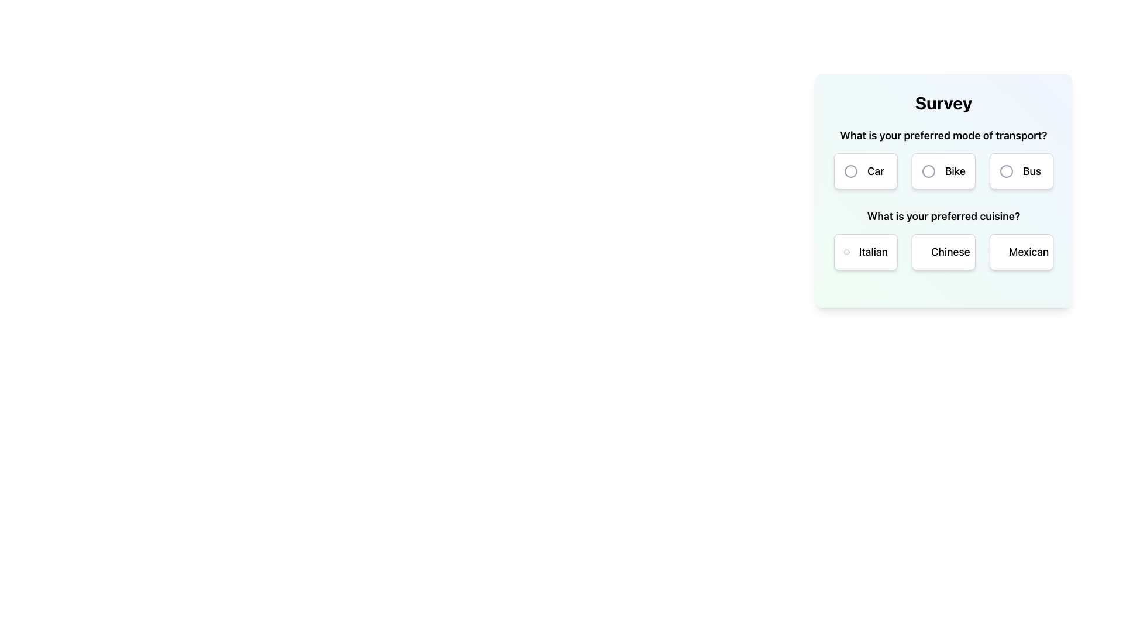 The image size is (1123, 632). What do you see at coordinates (928, 171) in the screenshot?
I see `the 'Bike' radio button indicator by` at bounding box center [928, 171].